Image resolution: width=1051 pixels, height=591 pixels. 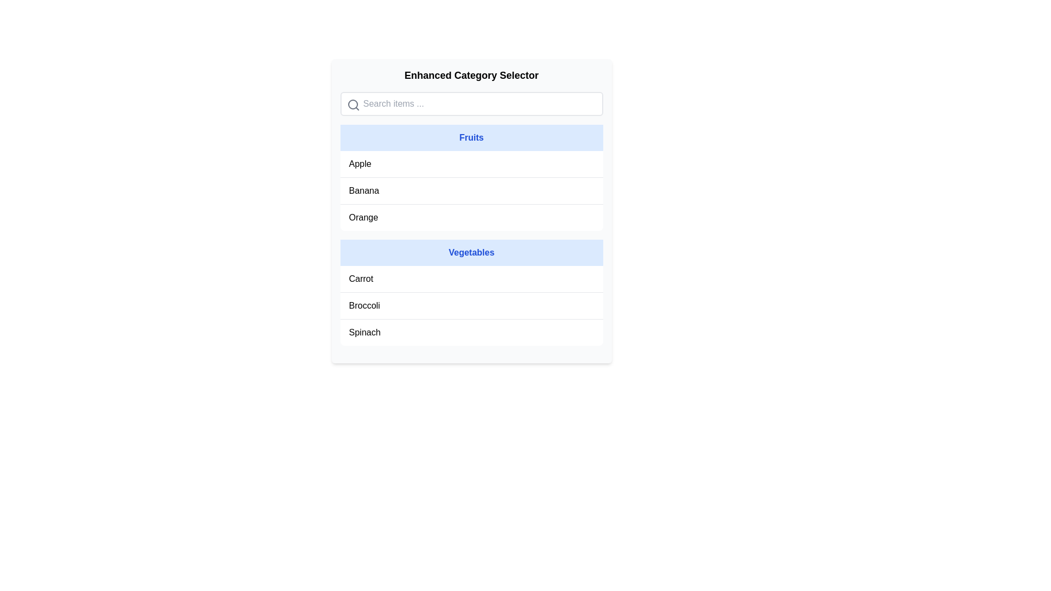 I want to click on the text element displaying 'Broccoli', which is, so click(x=364, y=306).